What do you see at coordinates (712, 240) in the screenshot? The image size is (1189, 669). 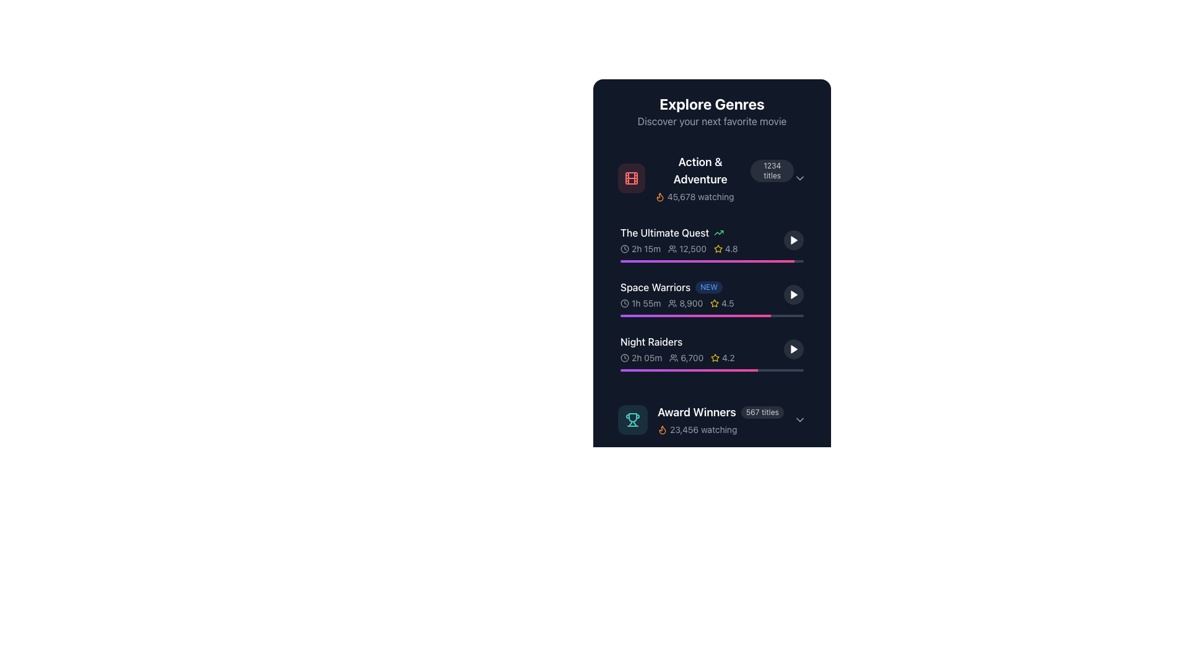 I see `the Information card displaying details about 'The Ultimate Quest', which includes a trending indicator and statistics like viewing time, viewers, and rating, located under the 'Action & Adventure' genre as the first item in the list` at bounding box center [712, 240].